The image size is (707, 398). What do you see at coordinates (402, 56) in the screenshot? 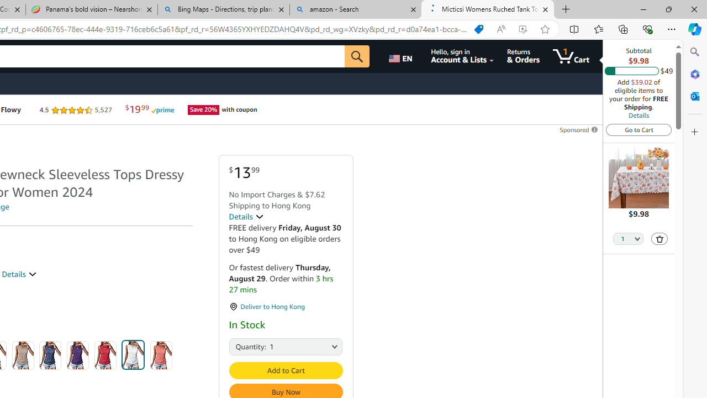
I see `'Choose a language for shopping.'` at bounding box center [402, 56].